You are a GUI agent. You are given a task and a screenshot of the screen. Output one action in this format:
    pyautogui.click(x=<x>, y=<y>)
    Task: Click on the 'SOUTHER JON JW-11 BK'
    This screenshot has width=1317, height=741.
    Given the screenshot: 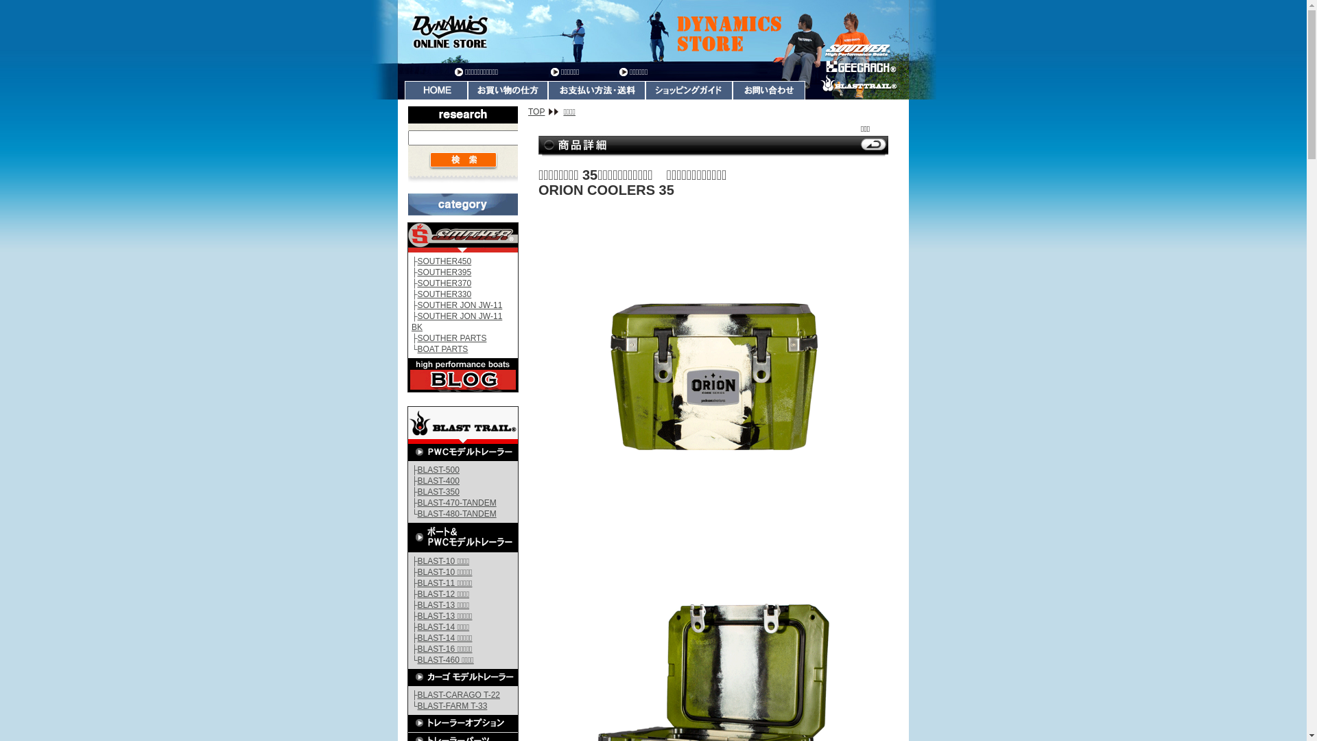 What is the action you would take?
    pyautogui.click(x=457, y=322)
    